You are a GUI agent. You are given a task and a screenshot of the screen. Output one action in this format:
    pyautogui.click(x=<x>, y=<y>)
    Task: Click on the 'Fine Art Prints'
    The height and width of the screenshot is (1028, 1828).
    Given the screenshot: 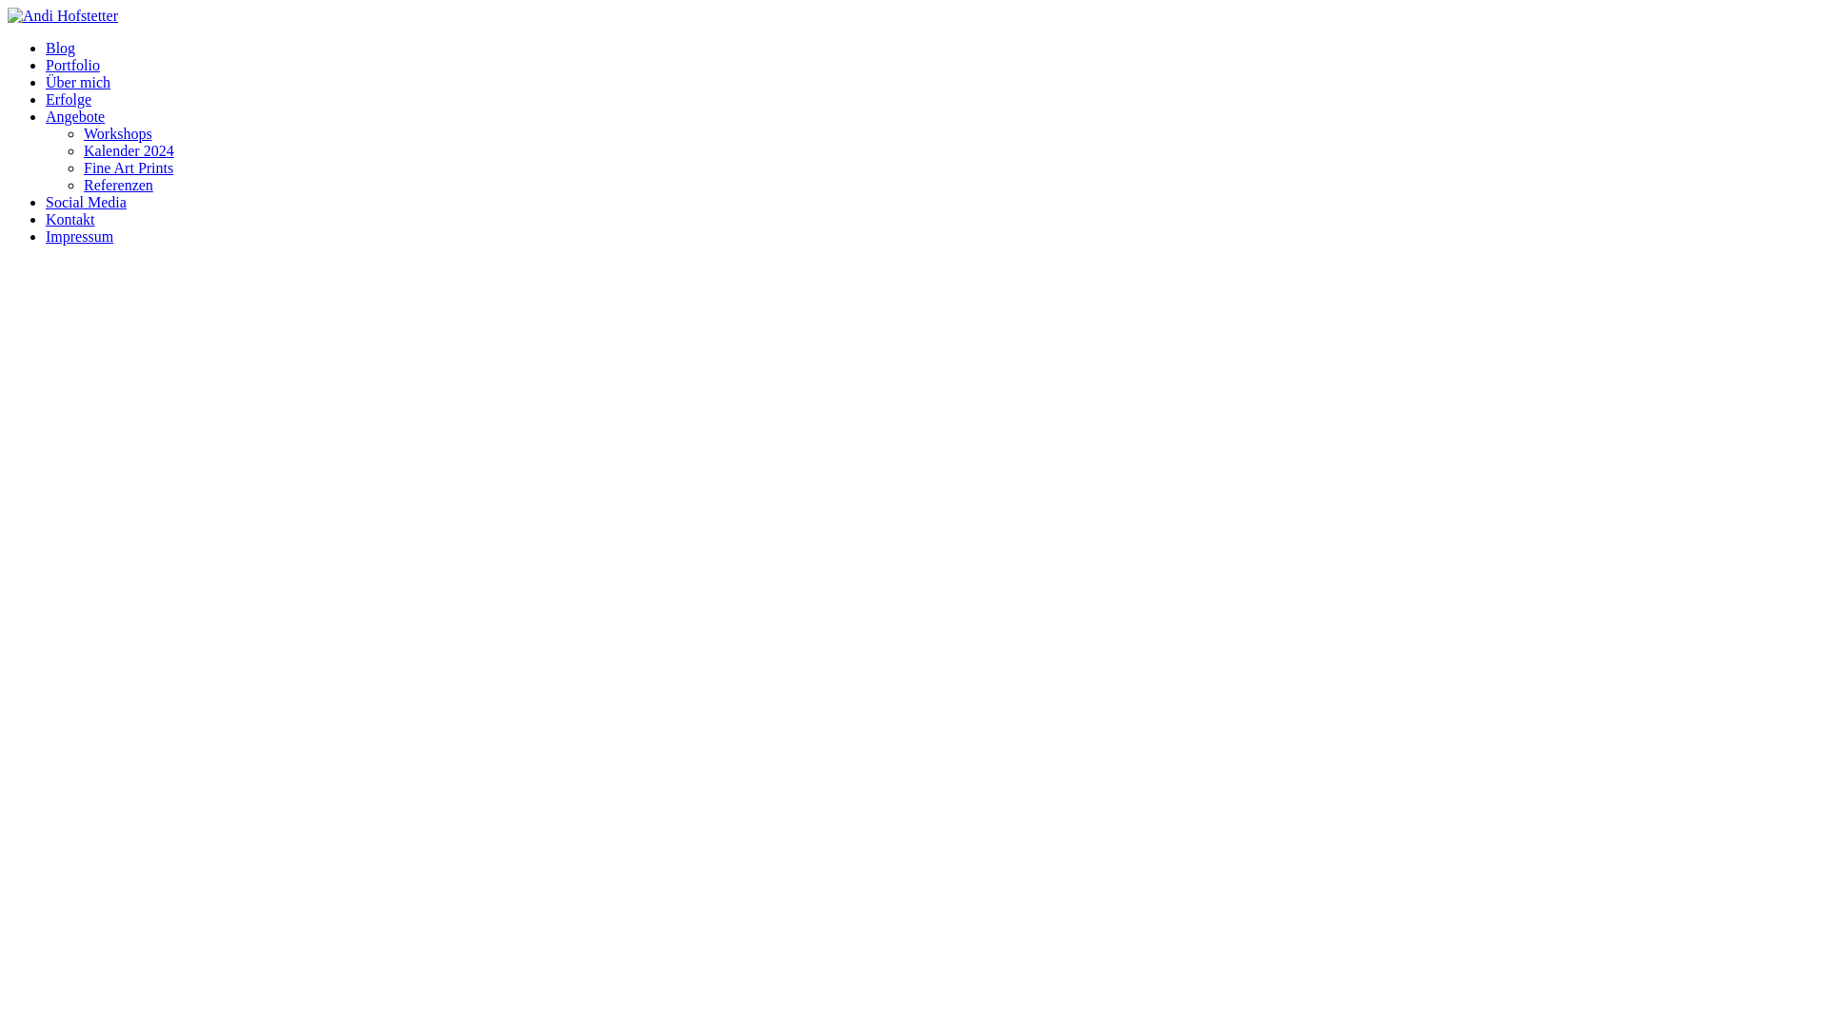 What is the action you would take?
    pyautogui.click(x=82, y=167)
    